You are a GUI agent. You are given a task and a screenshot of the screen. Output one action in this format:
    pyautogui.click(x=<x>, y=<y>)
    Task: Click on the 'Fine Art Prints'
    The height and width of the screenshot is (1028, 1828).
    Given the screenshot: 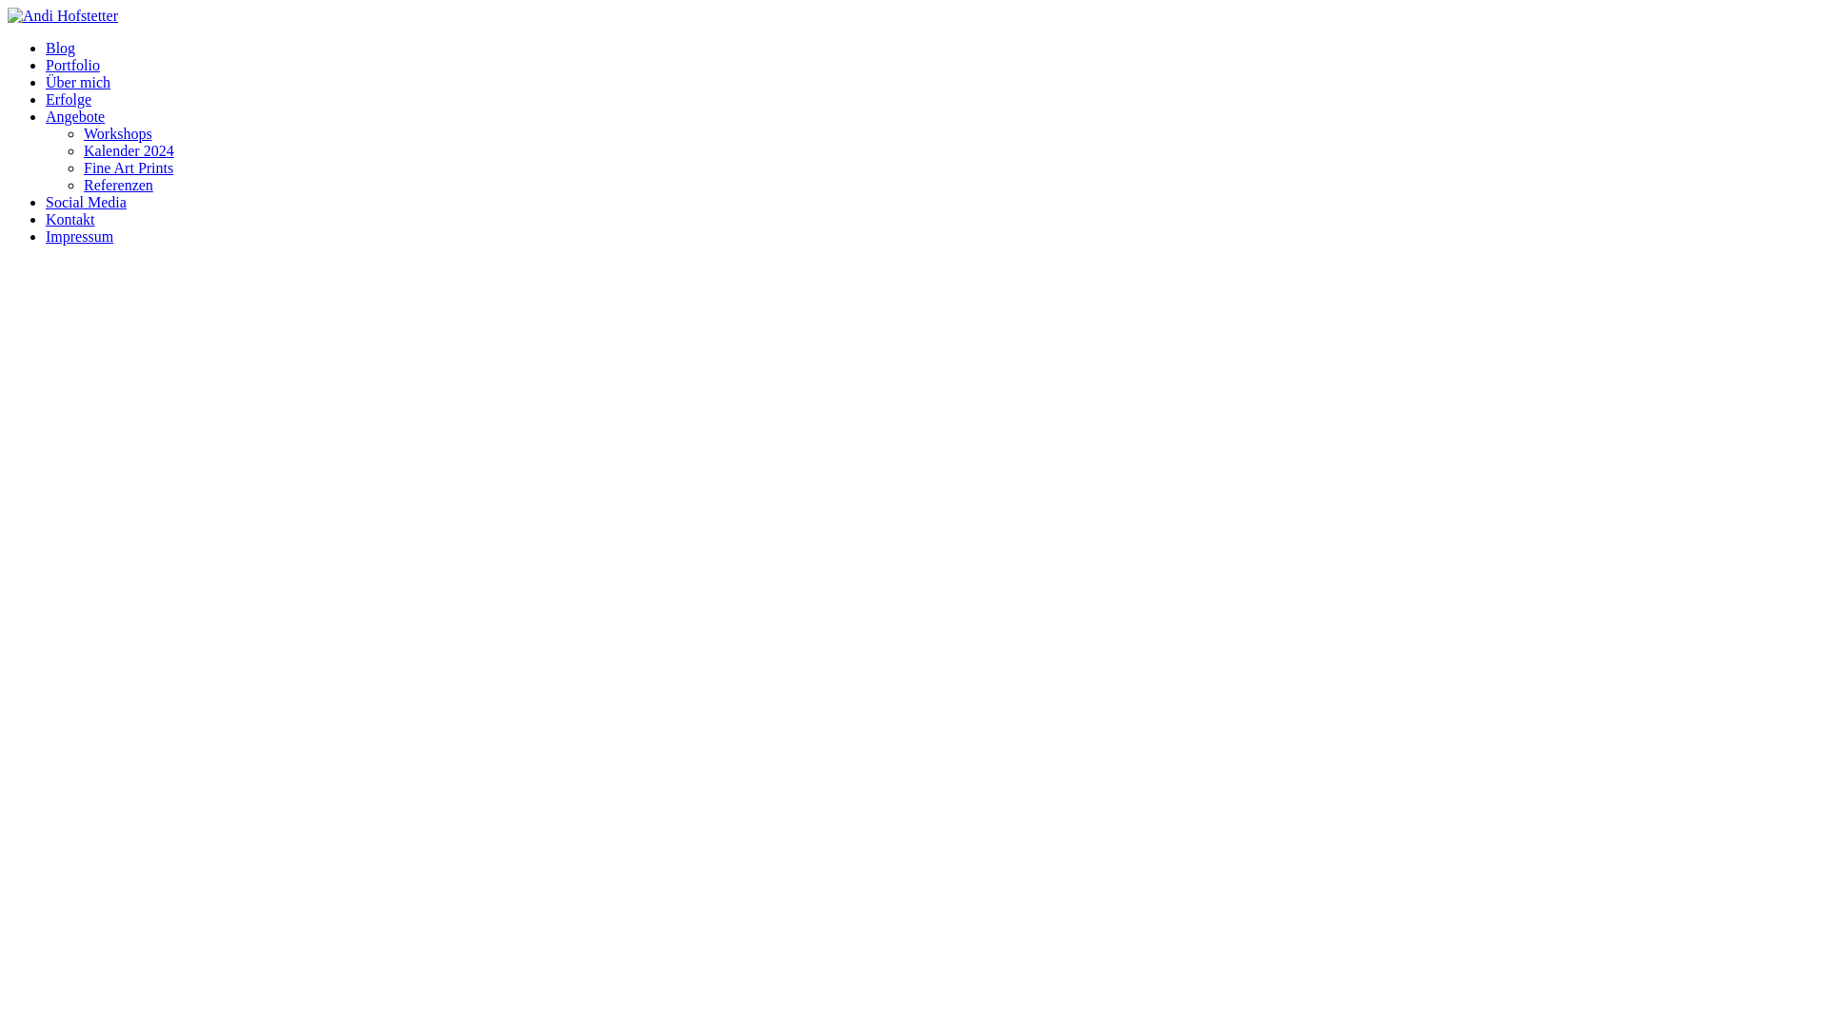 What is the action you would take?
    pyautogui.click(x=82, y=167)
    